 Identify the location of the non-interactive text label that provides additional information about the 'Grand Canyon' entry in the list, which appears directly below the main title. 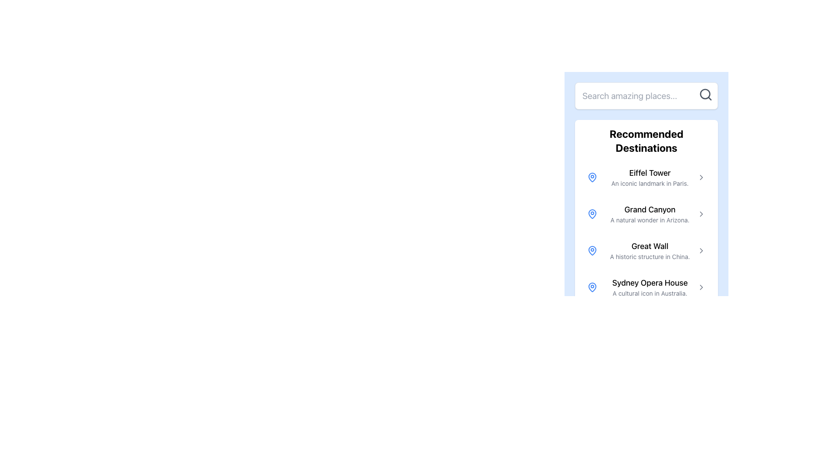
(650, 220).